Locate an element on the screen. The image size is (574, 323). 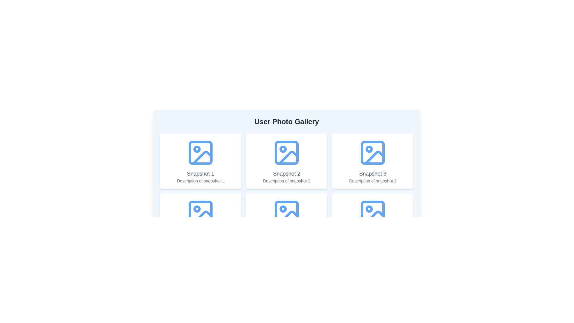
the Text Label located at the bottom of the 'Snapshot 3' card component in the grid layout is located at coordinates (373, 181).